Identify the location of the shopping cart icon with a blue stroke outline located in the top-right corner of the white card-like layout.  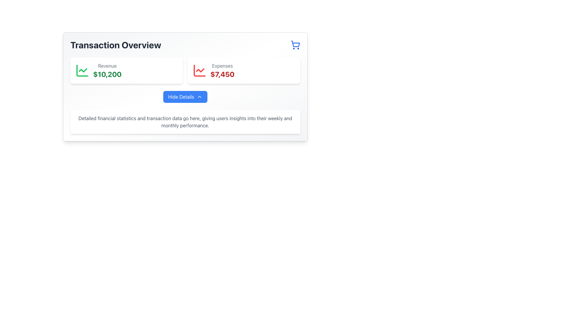
(295, 44).